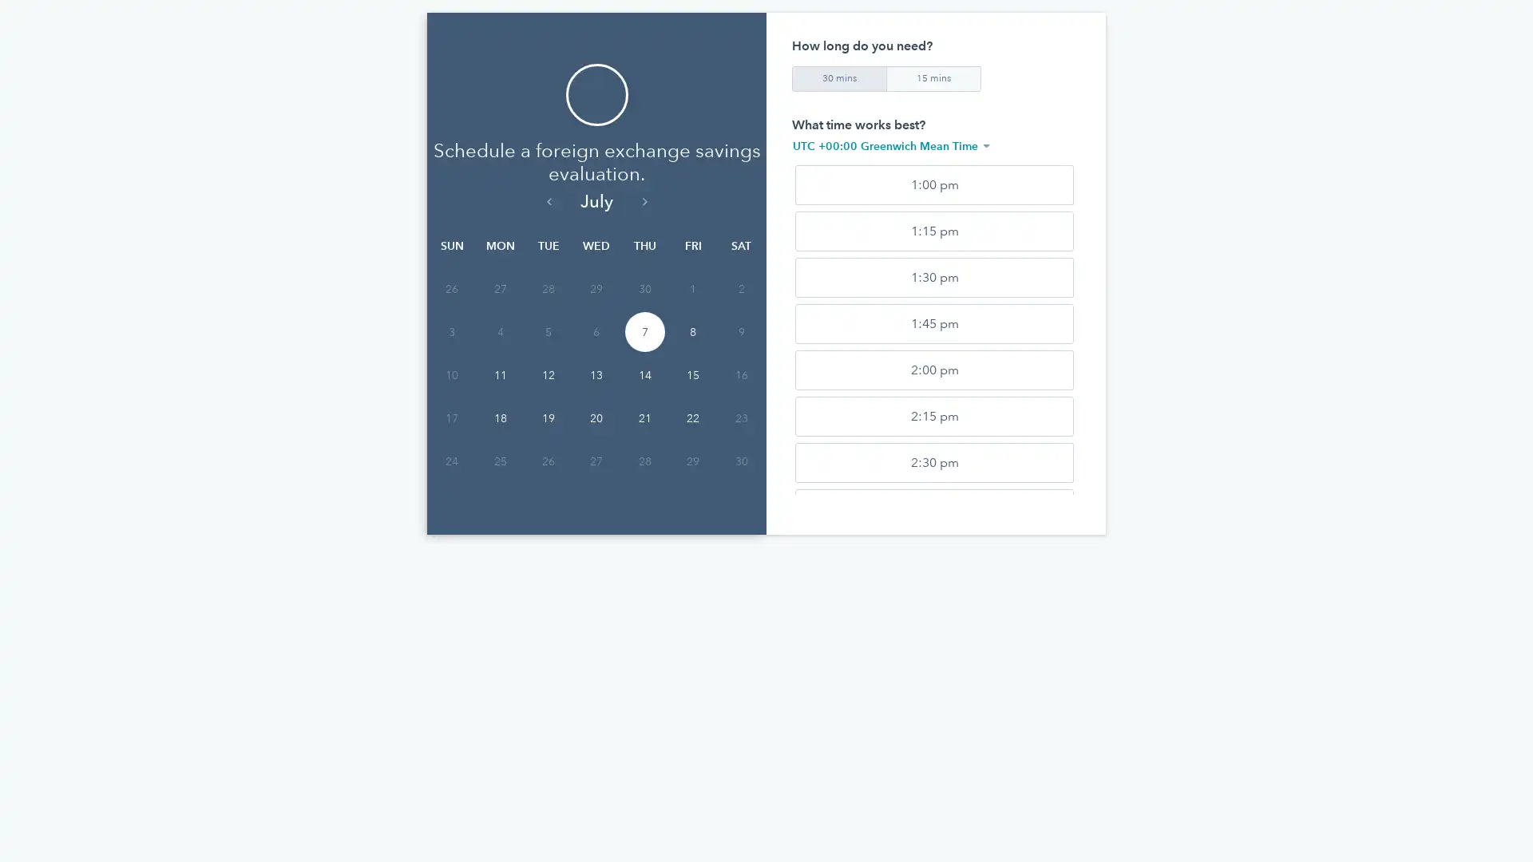 The height and width of the screenshot is (862, 1533). Describe the element at coordinates (596, 289) in the screenshot. I see `June 29th` at that location.